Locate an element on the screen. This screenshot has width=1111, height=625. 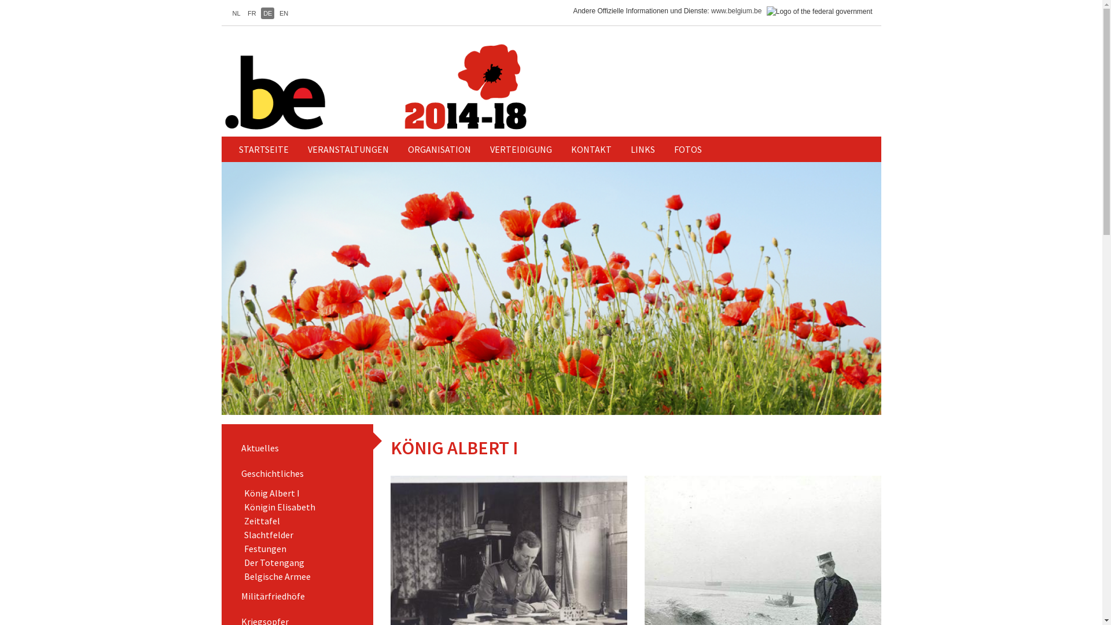
'Skip to main content' is located at coordinates (0, 0).